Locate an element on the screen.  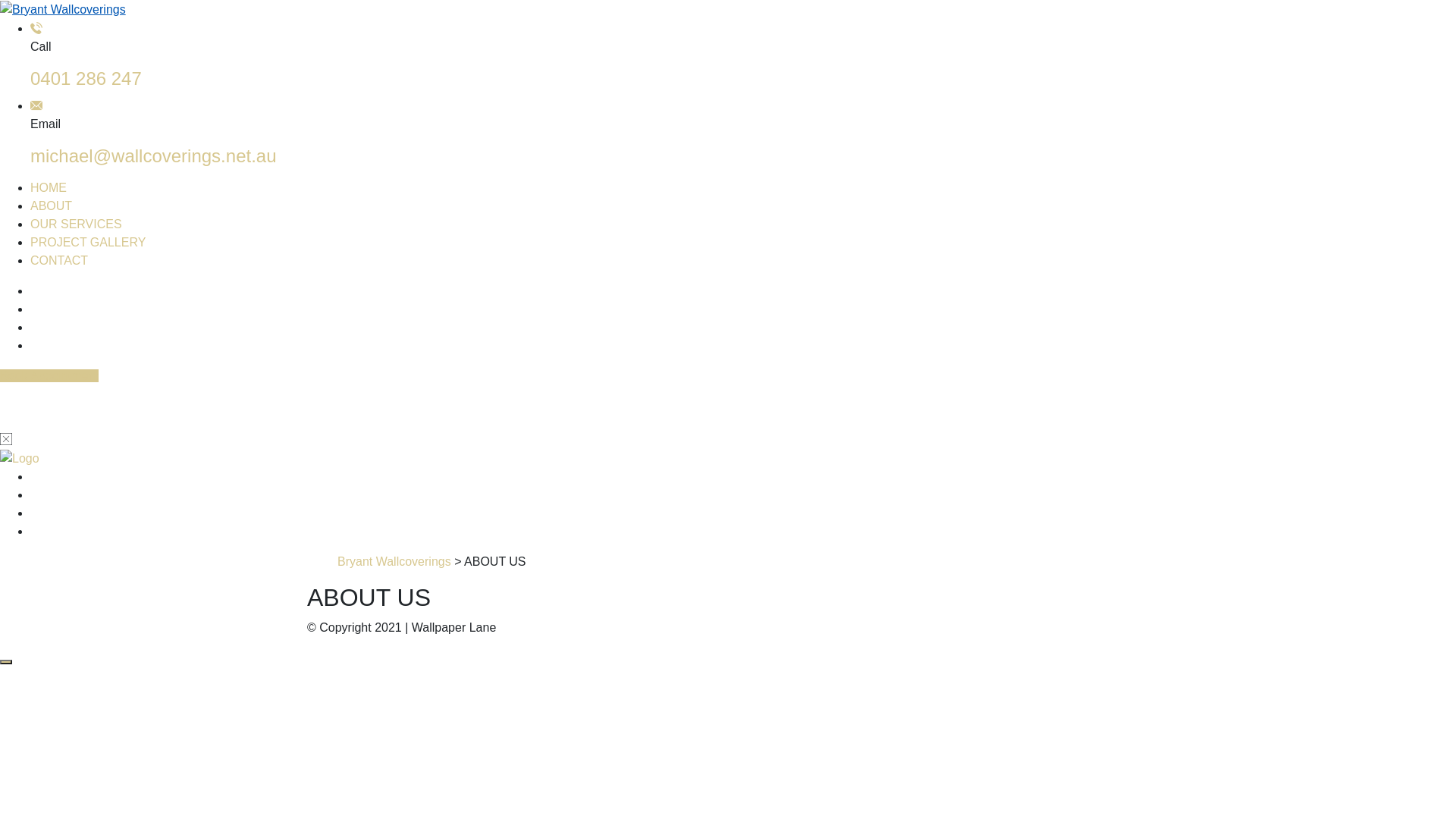
'HOME' is located at coordinates (48, 187).